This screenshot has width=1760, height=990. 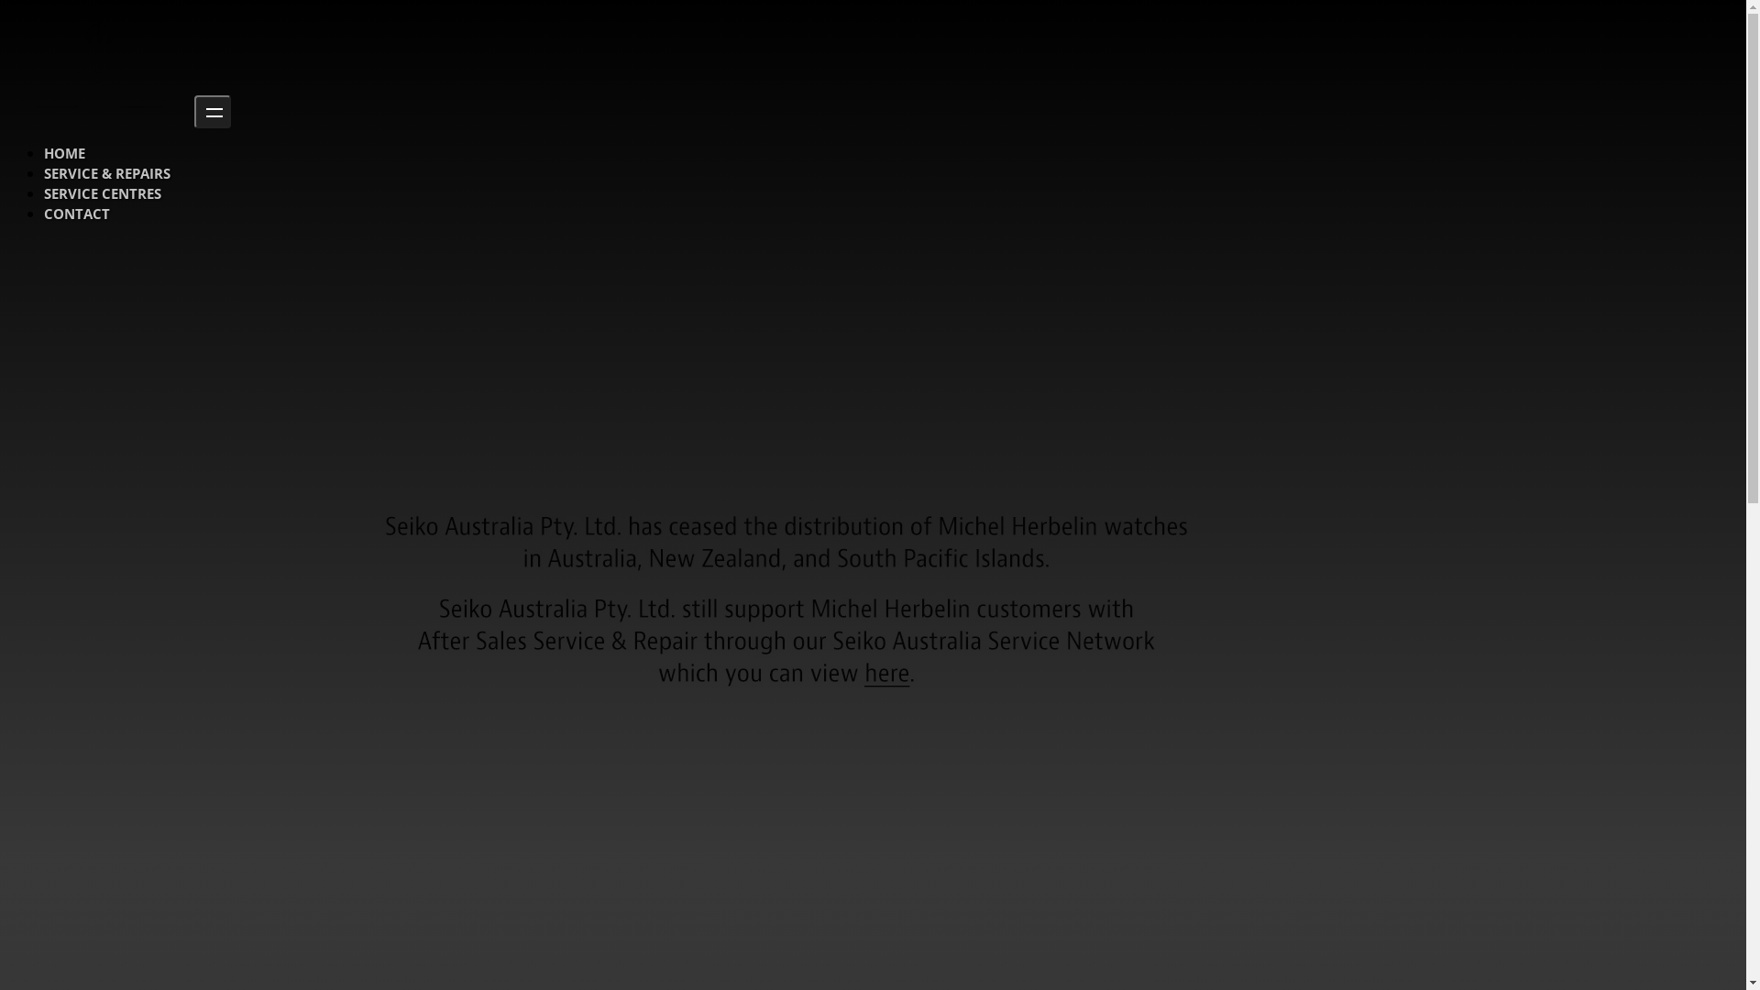 What do you see at coordinates (101, 193) in the screenshot?
I see `'SERVICE CENTRES'` at bounding box center [101, 193].